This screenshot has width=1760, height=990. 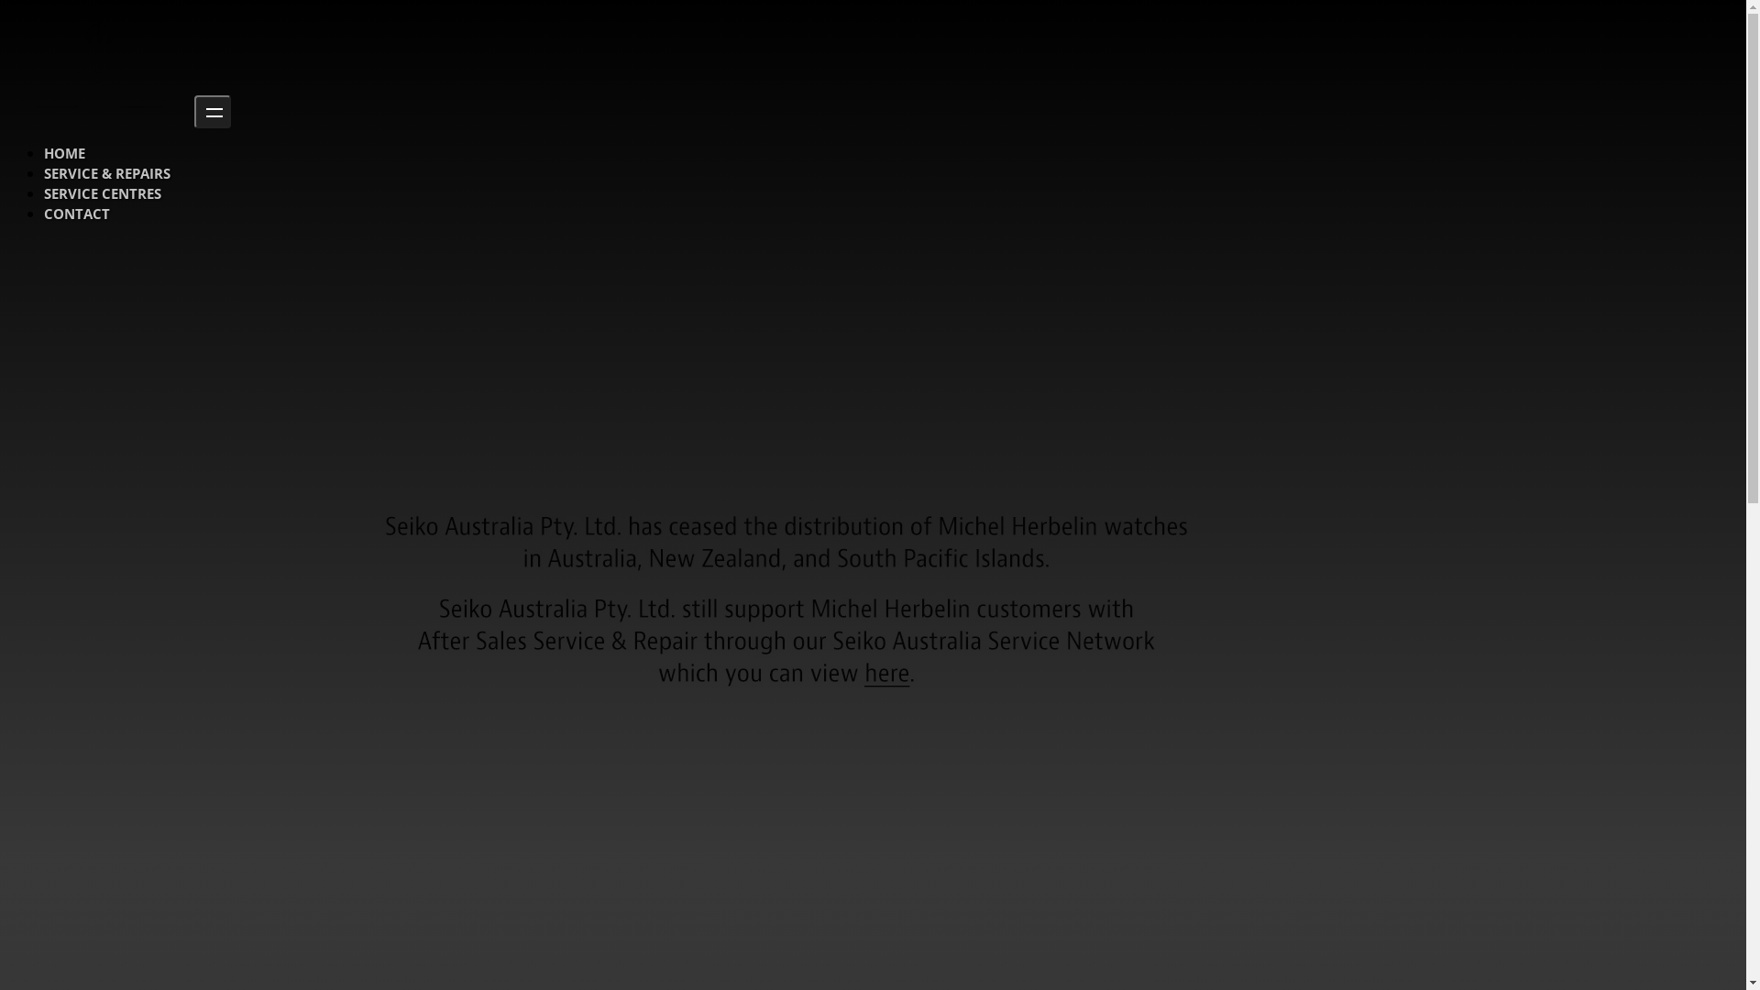 What do you see at coordinates (101, 193) in the screenshot?
I see `'SERVICE CENTRES'` at bounding box center [101, 193].